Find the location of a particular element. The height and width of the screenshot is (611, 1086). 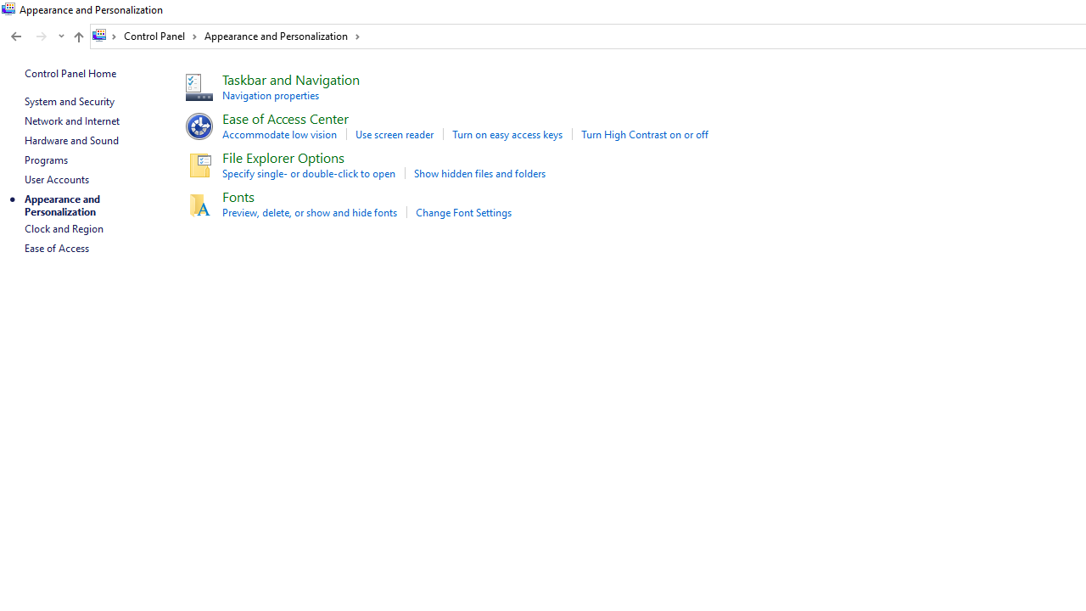

'Change Font Settings' is located at coordinates (463, 211).